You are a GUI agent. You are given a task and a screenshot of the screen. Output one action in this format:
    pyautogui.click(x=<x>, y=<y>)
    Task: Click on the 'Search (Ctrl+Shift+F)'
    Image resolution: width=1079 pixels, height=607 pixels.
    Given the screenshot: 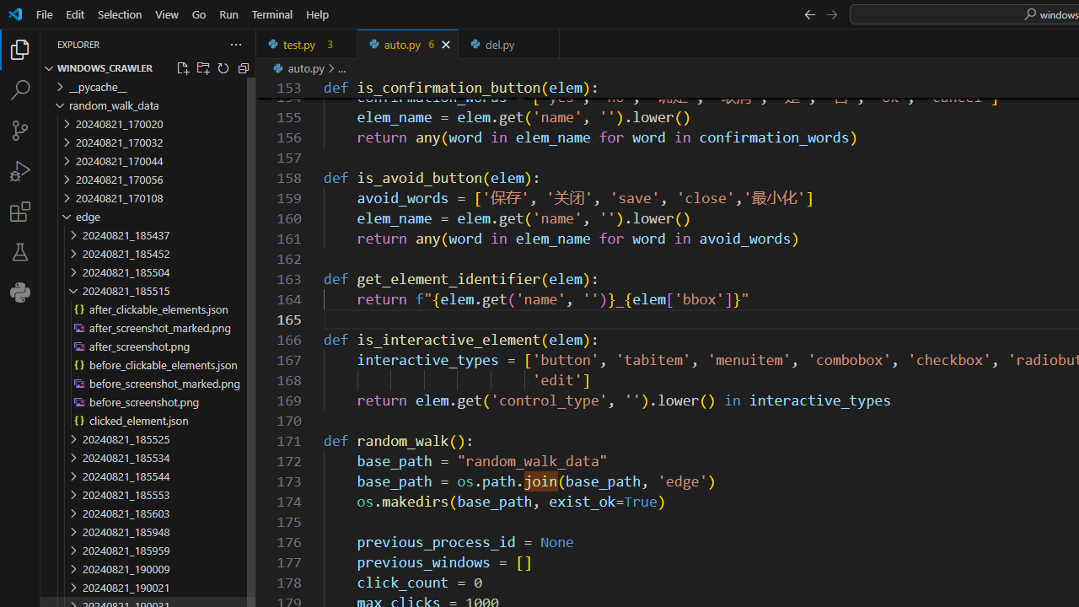 What is the action you would take?
    pyautogui.click(x=20, y=89)
    